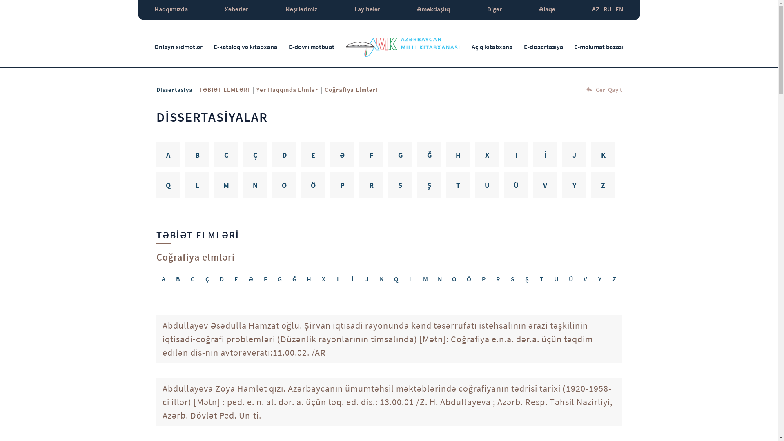  Describe the element at coordinates (543, 47) in the screenshot. I see `'E-dissertasiya'` at that location.